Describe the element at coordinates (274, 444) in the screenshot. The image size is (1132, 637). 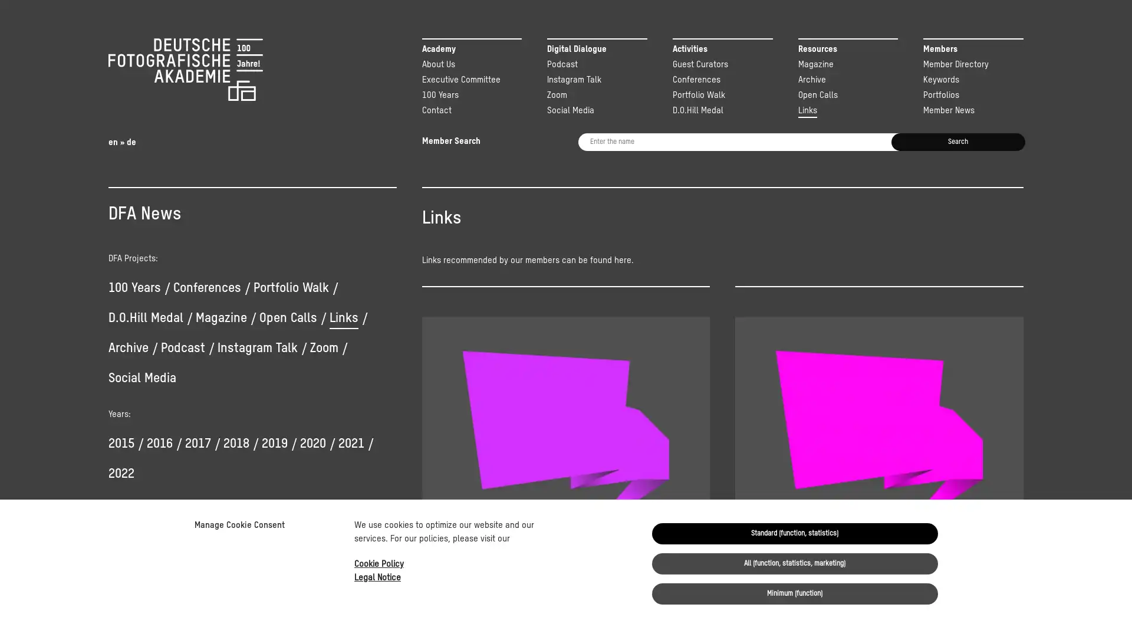
I see `2019` at that location.